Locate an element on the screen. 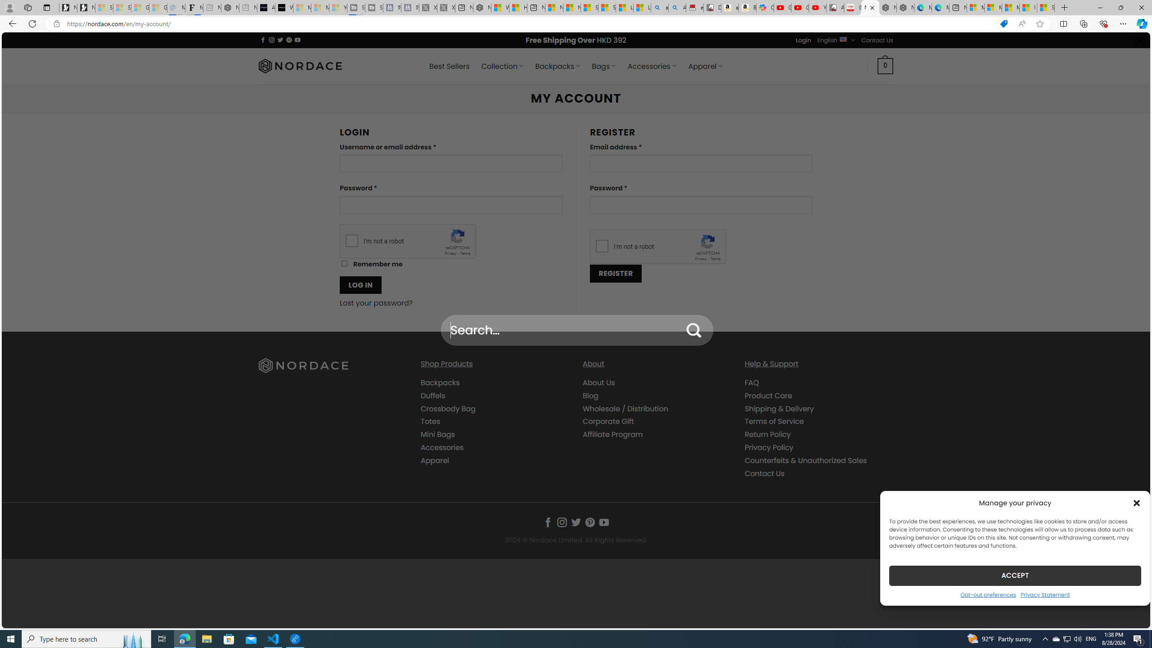 This screenshot has height=648, width=1152. 'Shipping & Delivery' is located at coordinates (818, 408).